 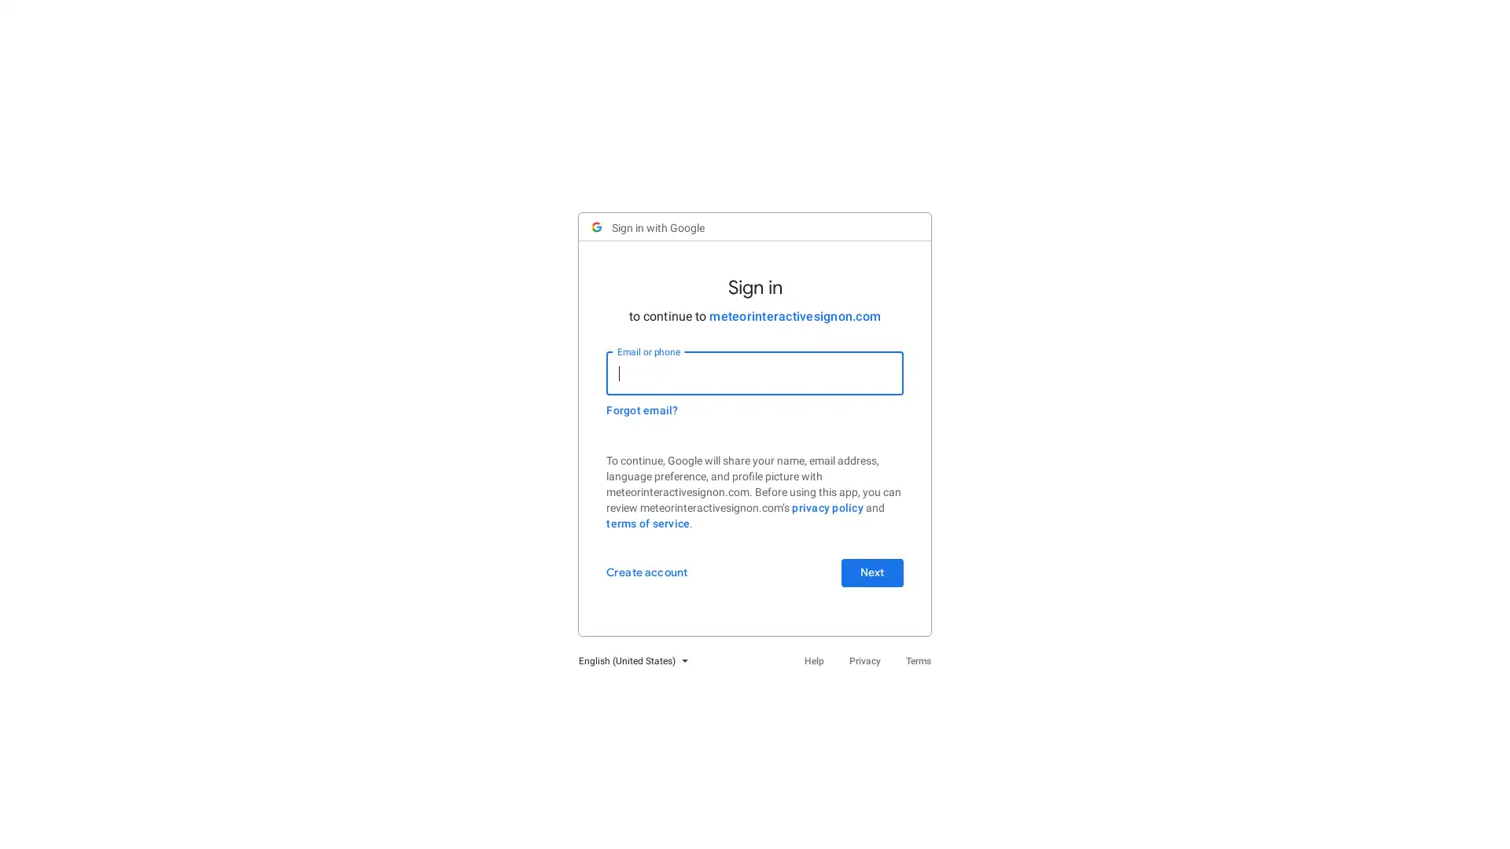 What do you see at coordinates (867, 575) in the screenshot?
I see `Next` at bounding box center [867, 575].